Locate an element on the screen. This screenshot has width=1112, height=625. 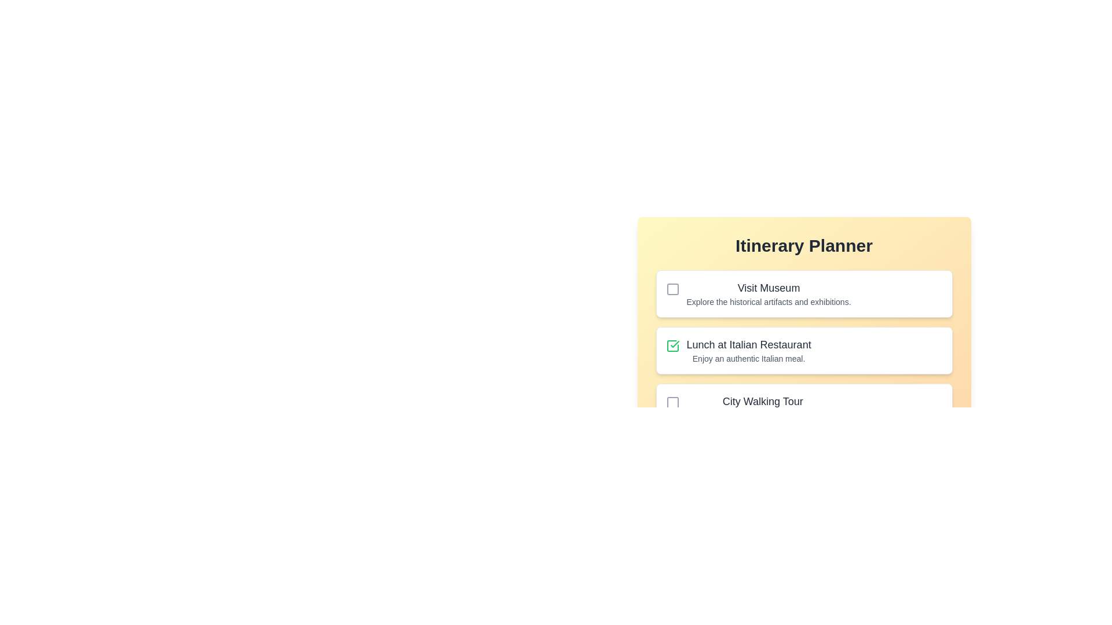
the text label providing additional details about the 'Visit Museum' section, located below the 'Visit Museum' heading within the card in the 'Itinerary Planner' section is located at coordinates (769, 301).